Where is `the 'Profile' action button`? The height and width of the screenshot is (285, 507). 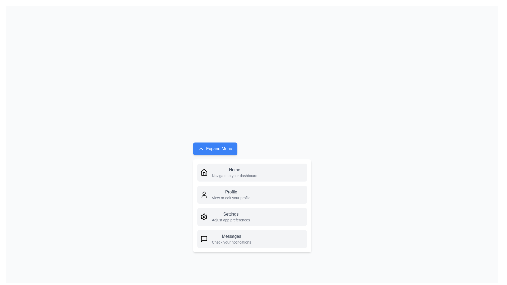 the 'Profile' action button is located at coordinates (231, 194).